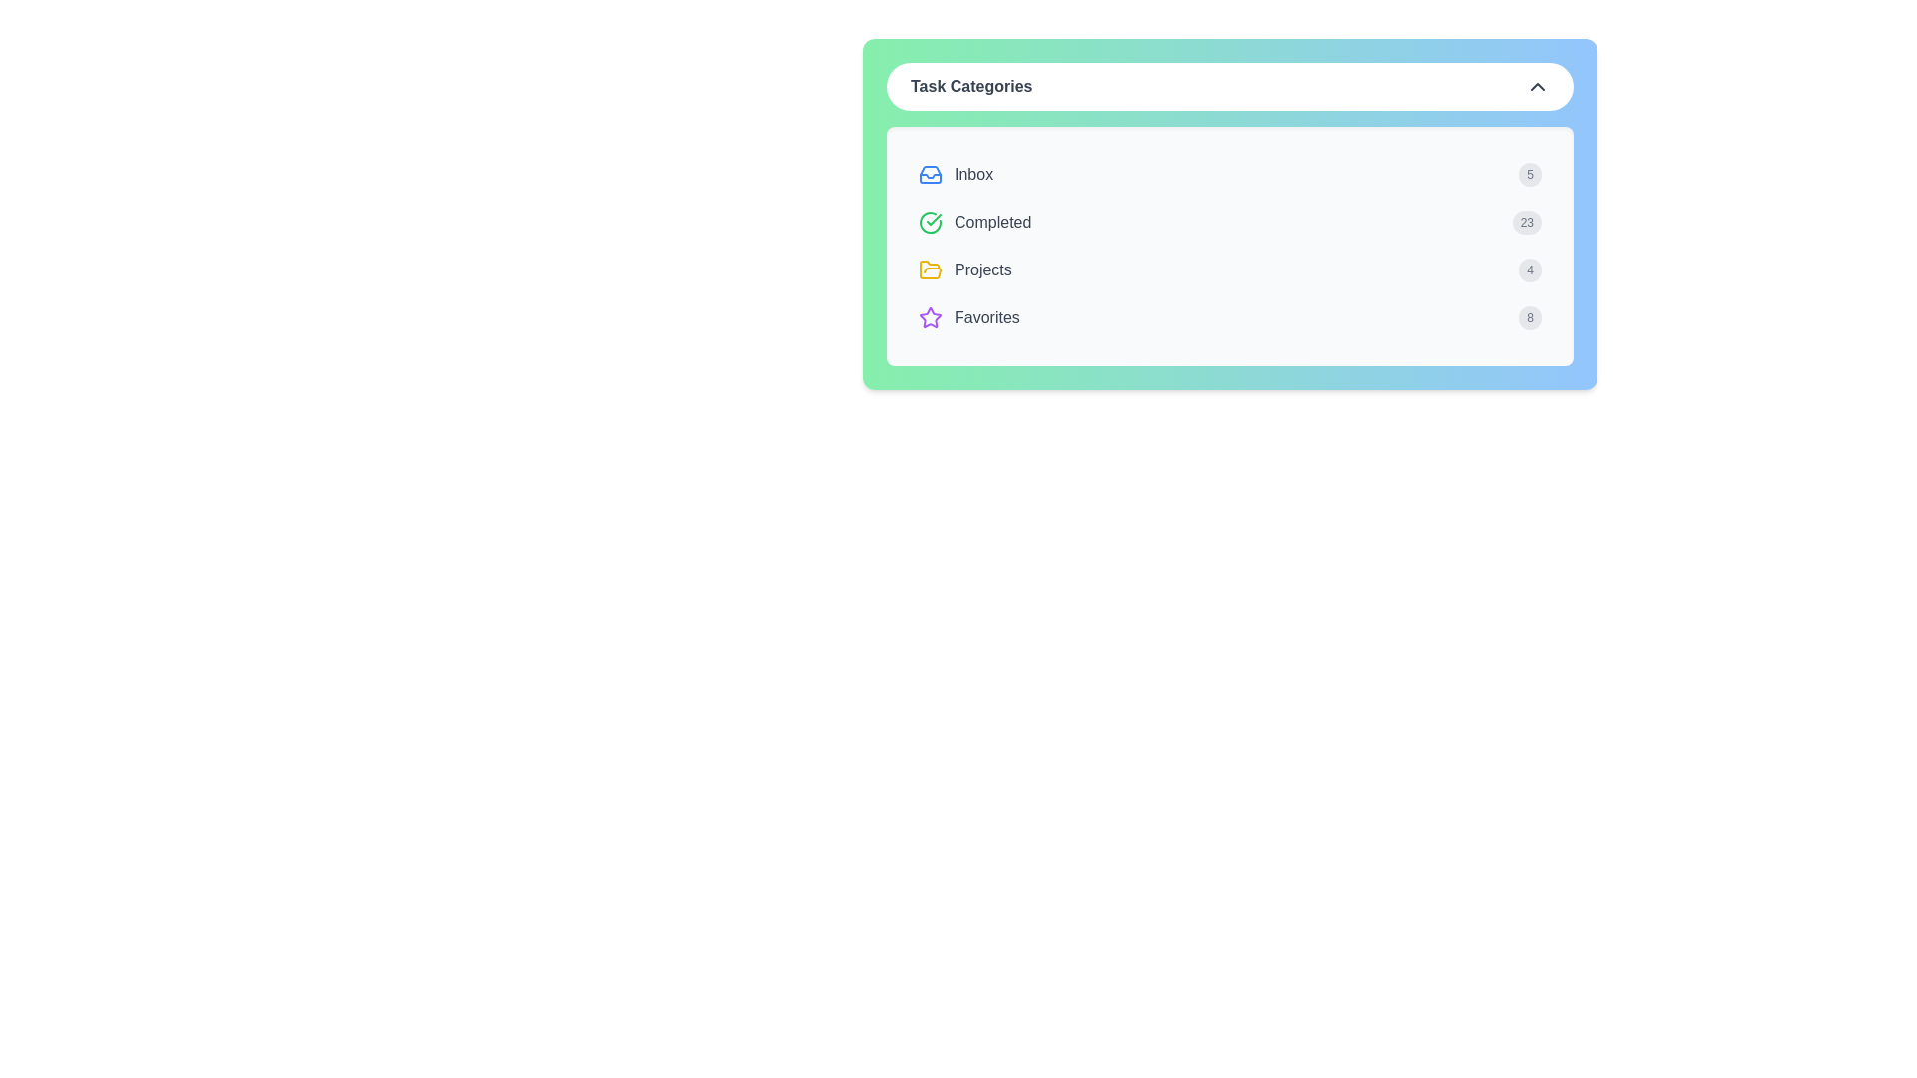 This screenshot has width=1917, height=1078. What do you see at coordinates (968, 317) in the screenshot?
I see `the 'Favorites' list item, which features a purple star icon and a gray text label` at bounding box center [968, 317].